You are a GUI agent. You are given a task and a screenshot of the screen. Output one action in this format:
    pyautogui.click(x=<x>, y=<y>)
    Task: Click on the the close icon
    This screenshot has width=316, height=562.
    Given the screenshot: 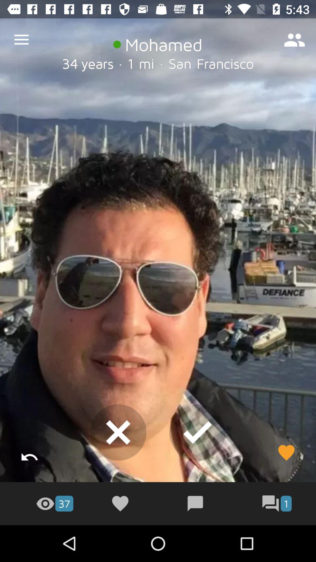 What is the action you would take?
    pyautogui.click(x=118, y=432)
    